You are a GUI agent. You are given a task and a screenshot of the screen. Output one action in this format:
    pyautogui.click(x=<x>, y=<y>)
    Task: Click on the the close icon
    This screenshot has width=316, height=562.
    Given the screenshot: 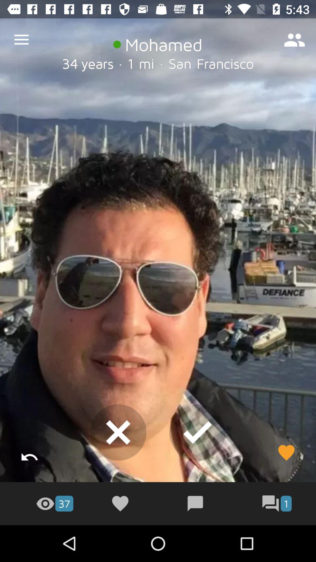 What is the action you would take?
    pyautogui.click(x=118, y=432)
    